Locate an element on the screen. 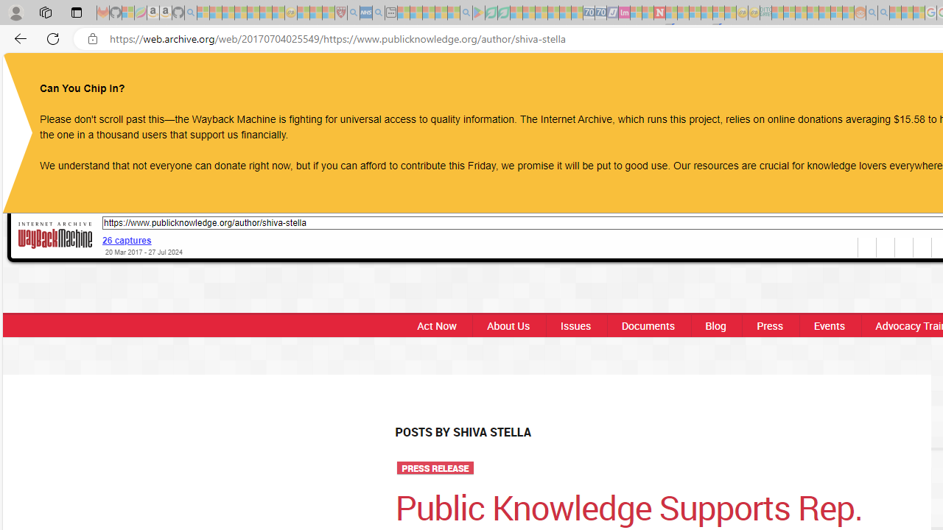  'Blog' is located at coordinates (715, 325).